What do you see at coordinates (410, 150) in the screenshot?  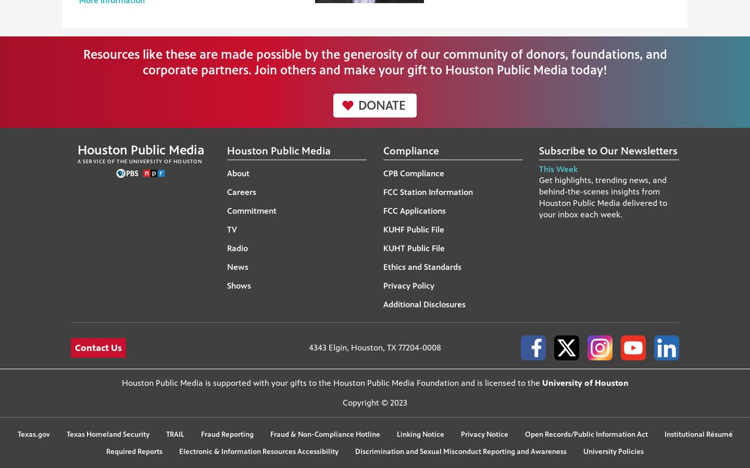 I see `'Compliance'` at bounding box center [410, 150].